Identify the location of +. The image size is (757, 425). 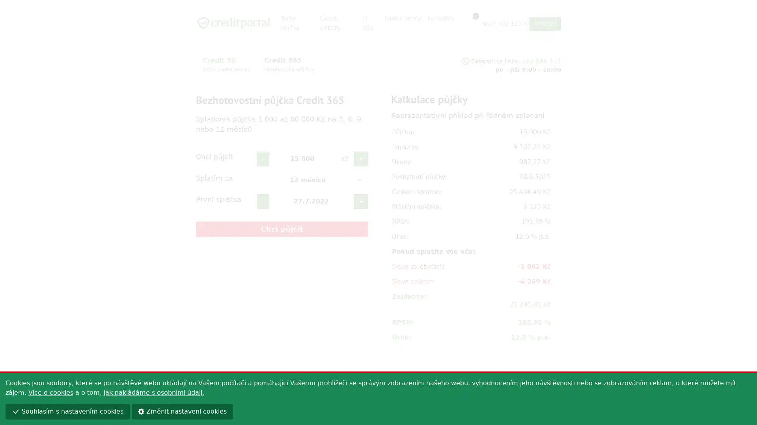
(360, 200).